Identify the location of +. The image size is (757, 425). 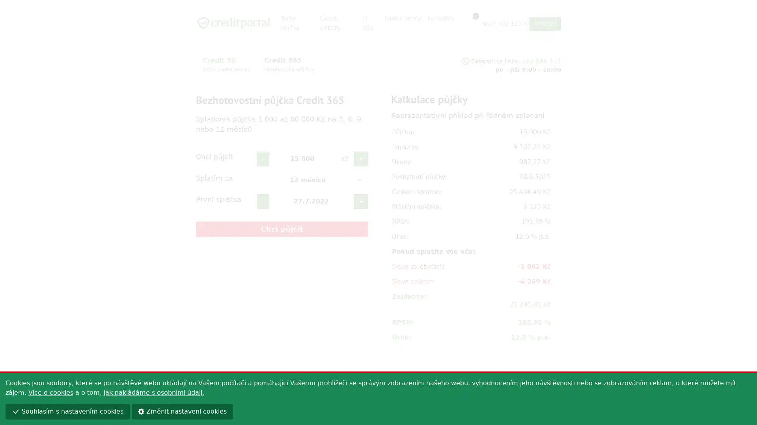
(360, 200).